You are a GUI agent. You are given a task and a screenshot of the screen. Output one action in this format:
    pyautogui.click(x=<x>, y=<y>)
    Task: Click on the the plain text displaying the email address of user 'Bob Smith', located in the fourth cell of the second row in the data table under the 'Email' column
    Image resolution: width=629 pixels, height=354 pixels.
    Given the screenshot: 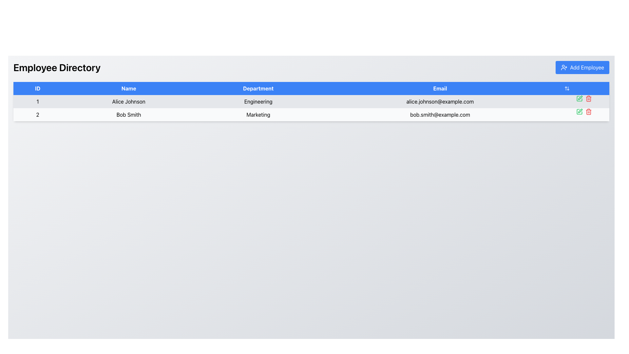 What is the action you would take?
    pyautogui.click(x=440, y=114)
    